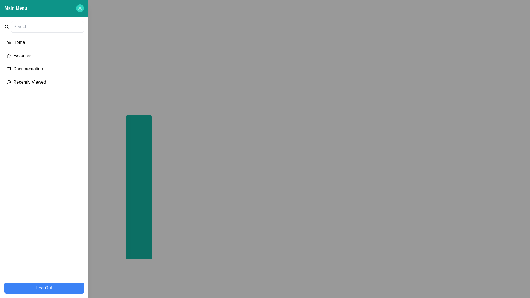 This screenshot has width=530, height=298. Describe the element at coordinates (16, 8) in the screenshot. I see `the text label located in the upper-left corner of the interface, which serves as a static header title within a horizontal teal header bar, positioned to the left of a close icon button` at that location.